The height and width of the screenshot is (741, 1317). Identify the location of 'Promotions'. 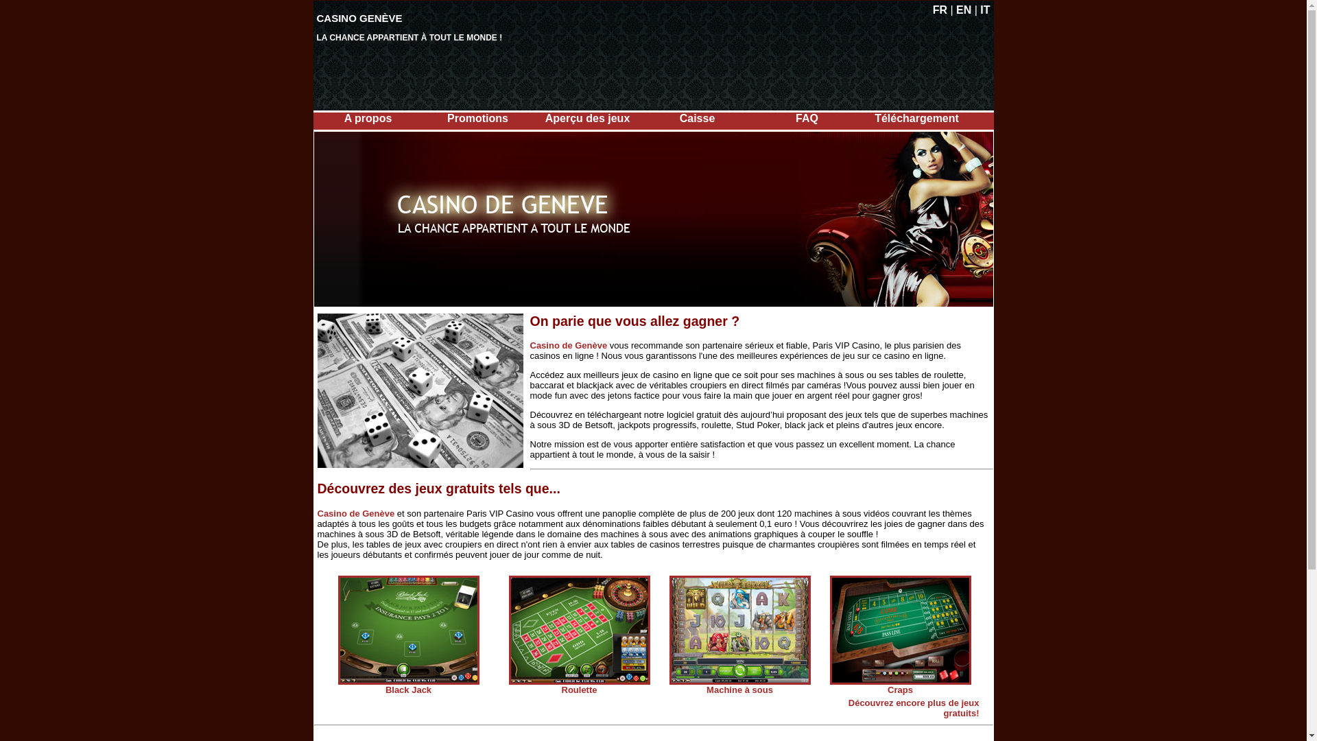
(477, 117).